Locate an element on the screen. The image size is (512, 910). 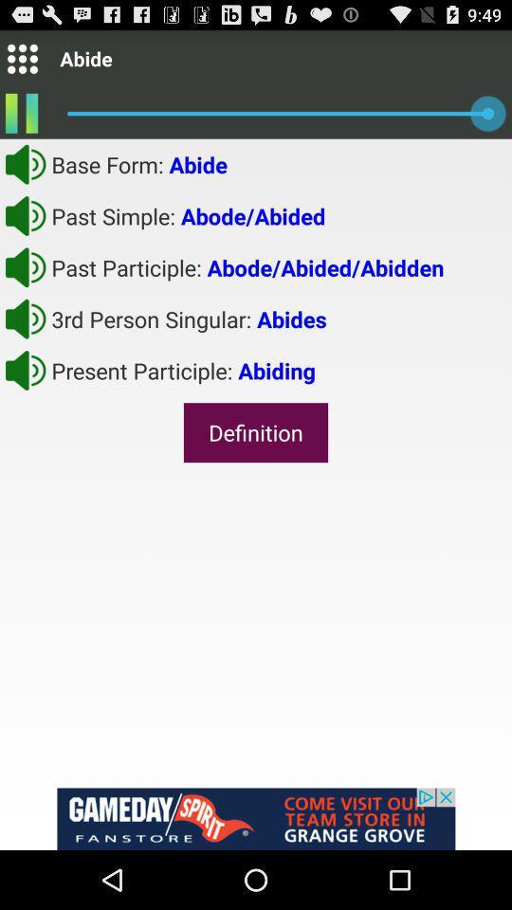
for audio is located at coordinates (25, 369).